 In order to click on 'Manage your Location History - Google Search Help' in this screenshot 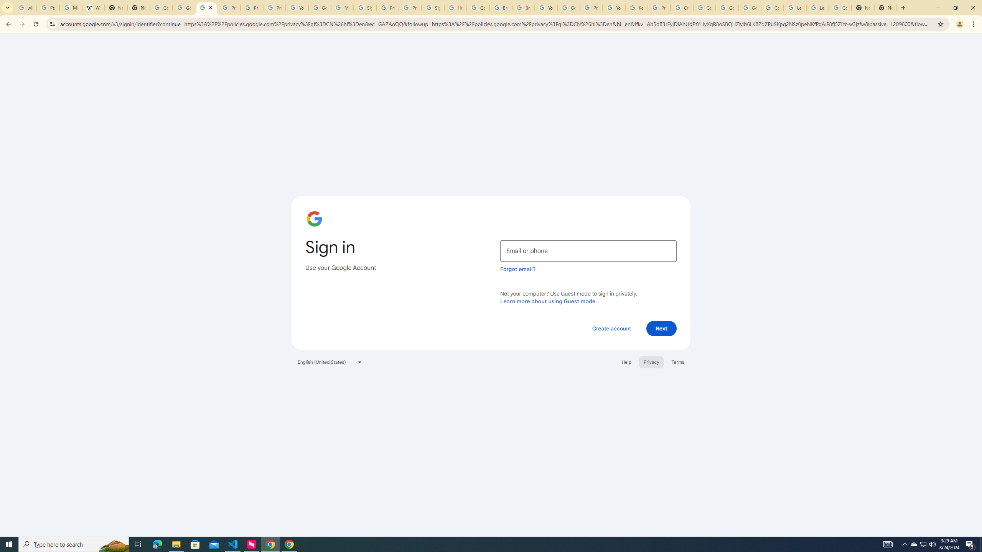, I will do `click(70, 7)`.